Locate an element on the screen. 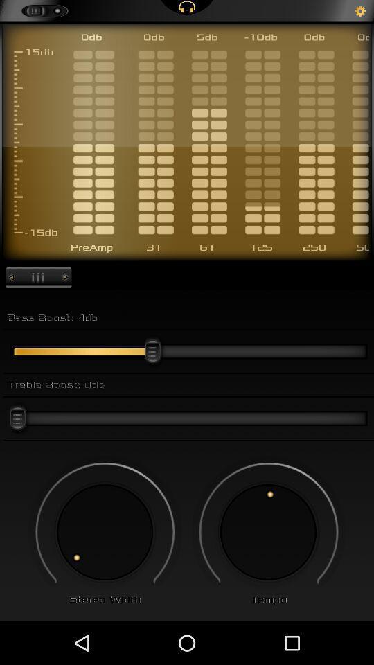  switch the speeker is located at coordinates (268, 531).